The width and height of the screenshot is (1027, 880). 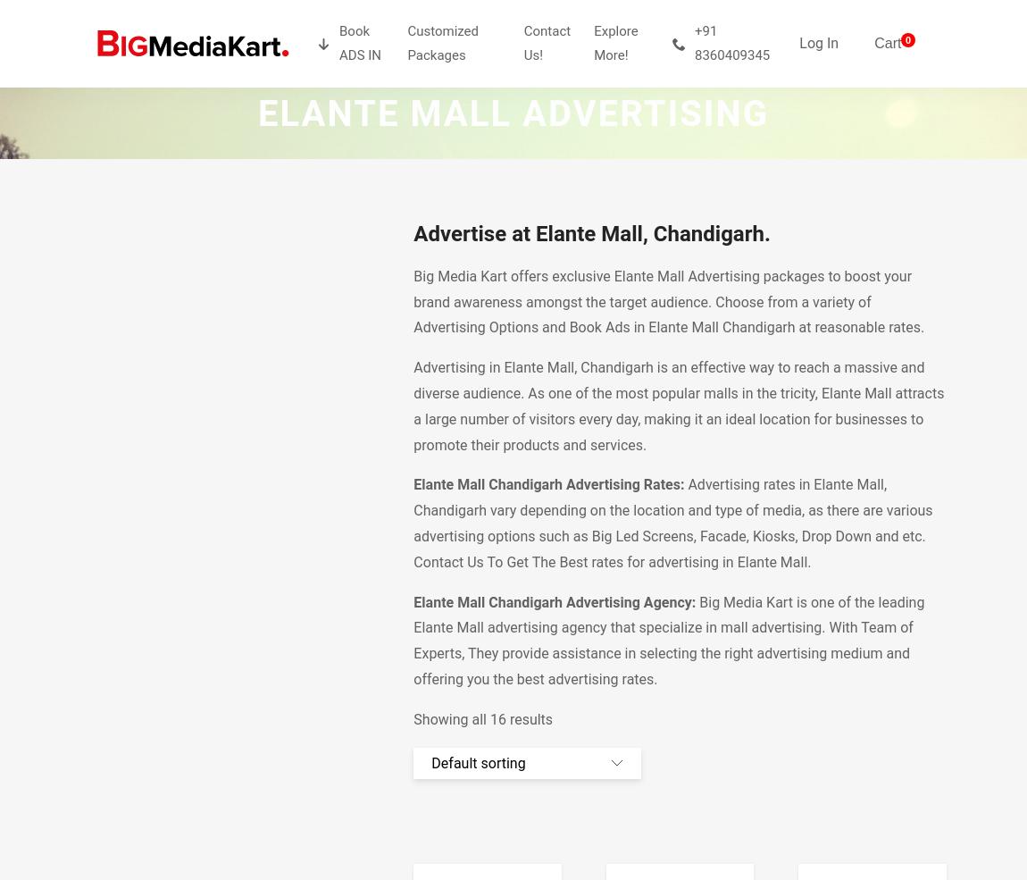 What do you see at coordinates (654, 134) in the screenshot?
I see `'IPL 2023 Advertising'` at bounding box center [654, 134].